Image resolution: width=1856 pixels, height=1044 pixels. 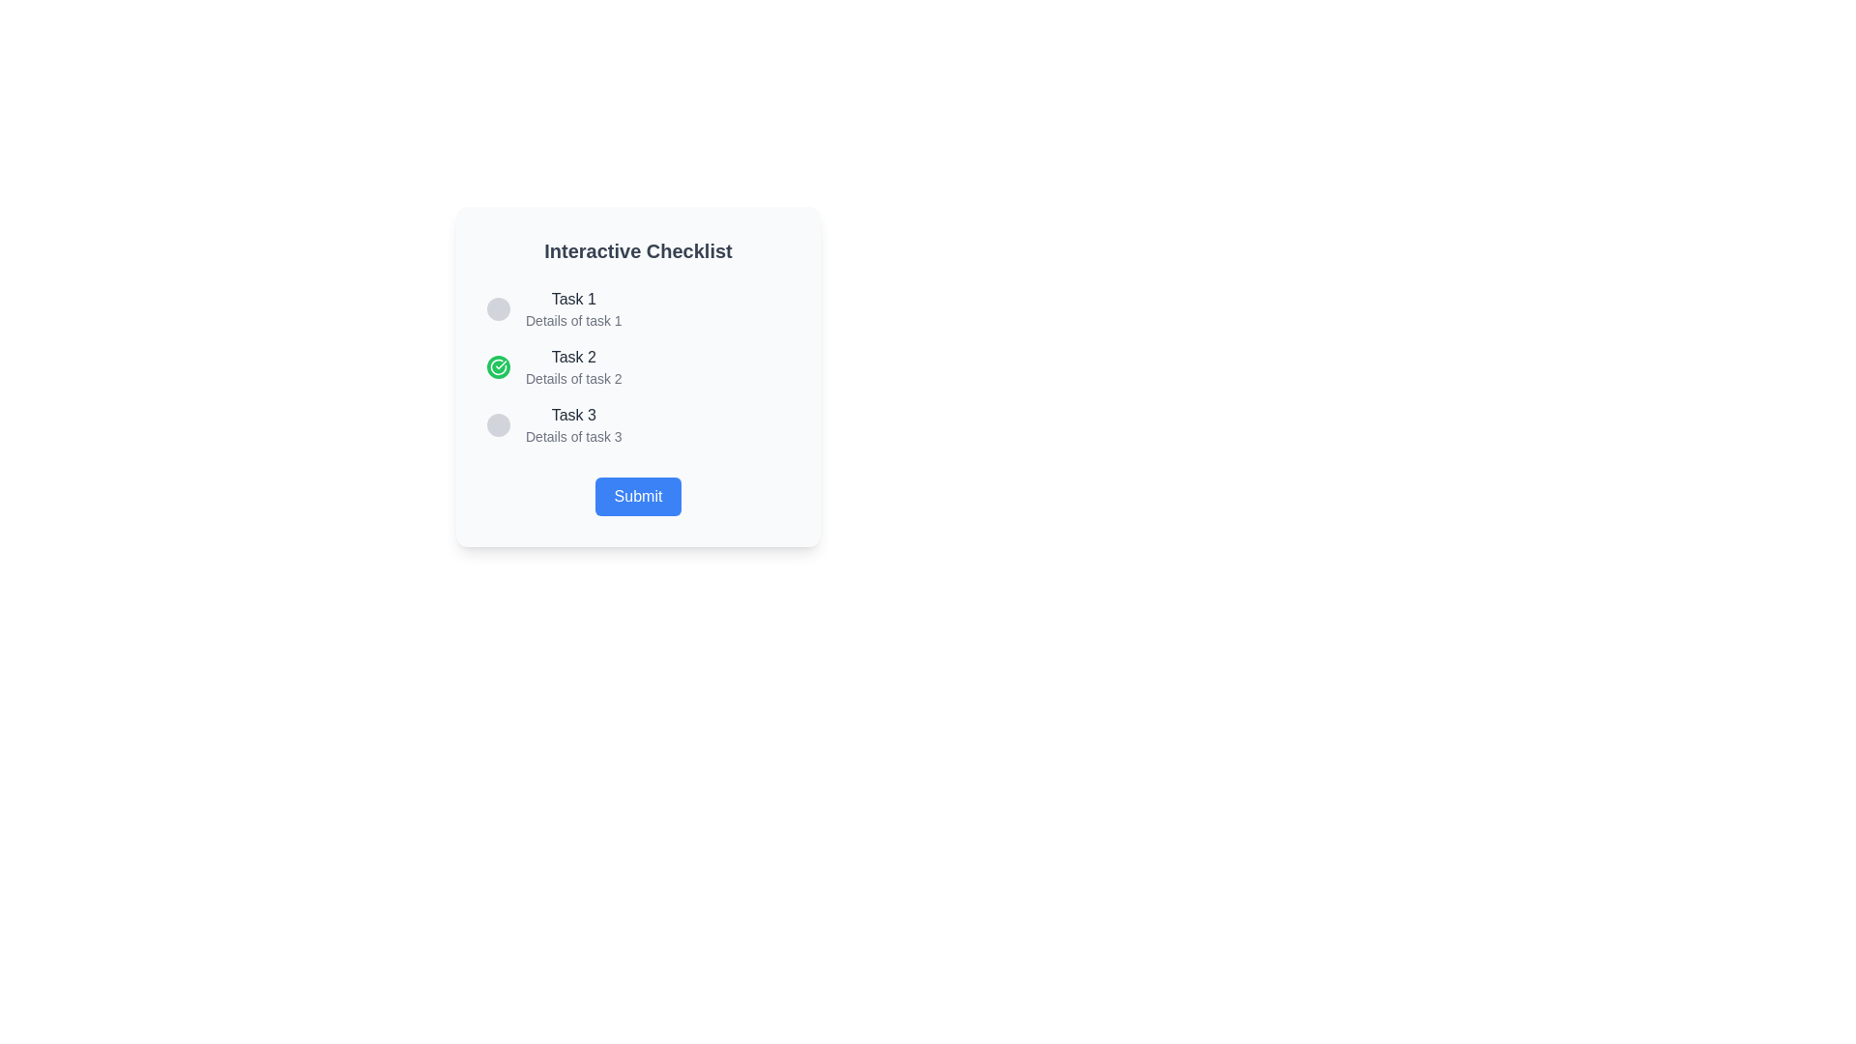 What do you see at coordinates (572, 299) in the screenshot?
I see `static text label displaying 'Task 1', which serves as the title for the first task in the checklist` at bounding box center [572, 299].